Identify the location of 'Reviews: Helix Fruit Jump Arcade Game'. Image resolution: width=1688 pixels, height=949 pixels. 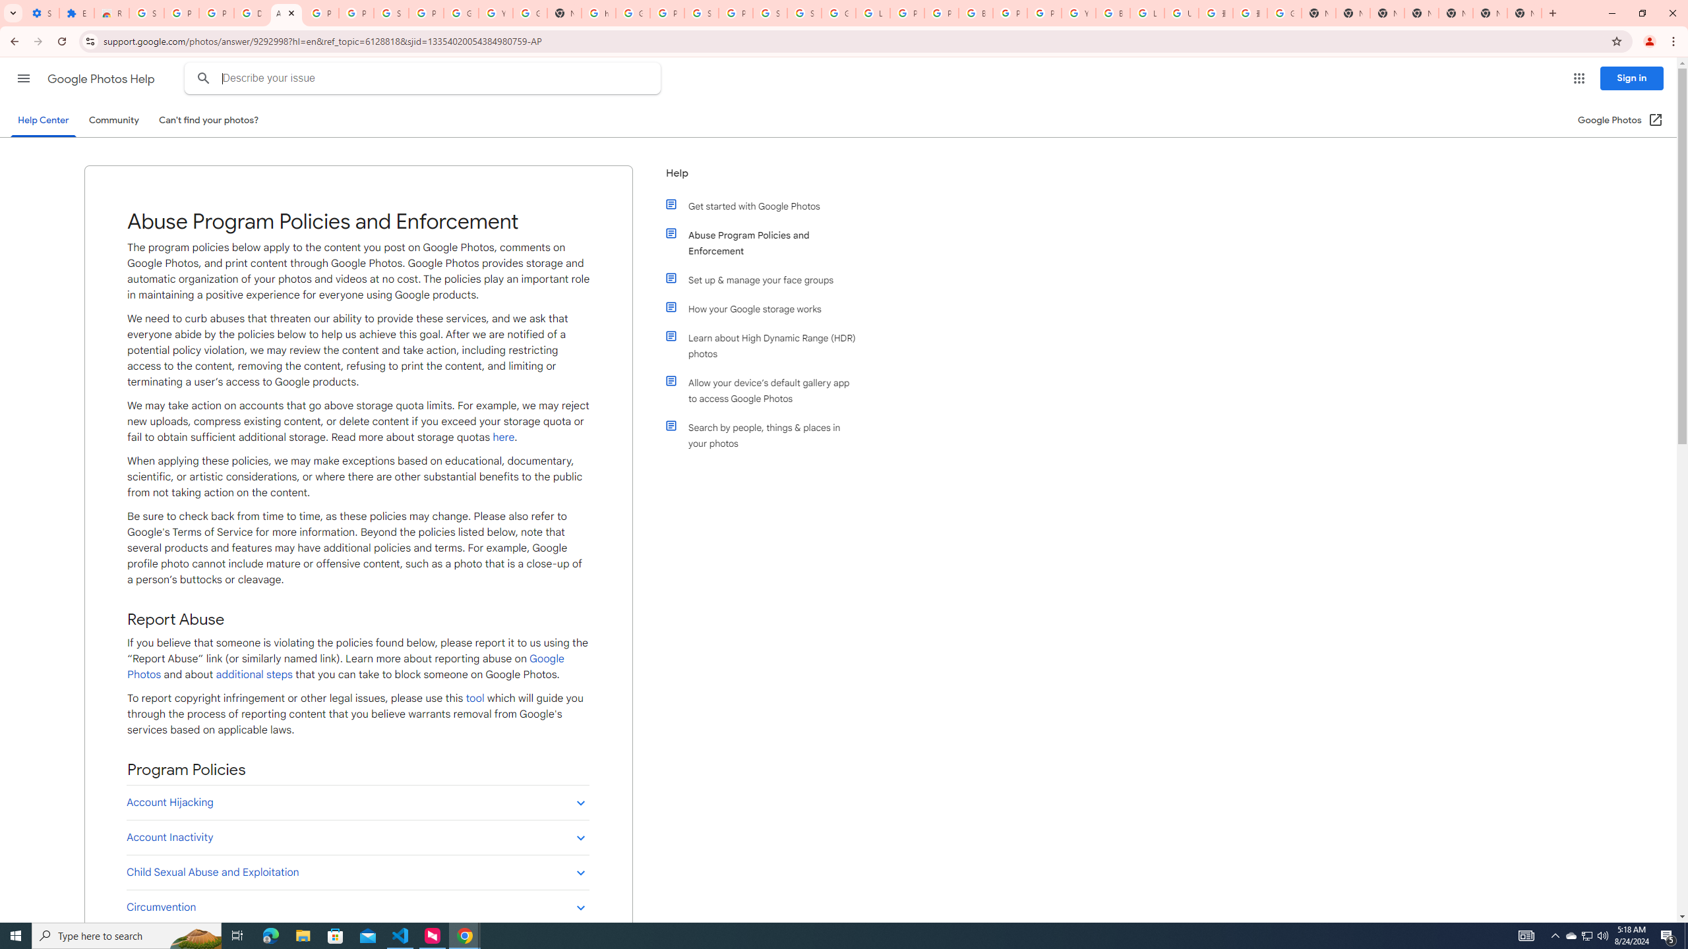
(110, 13).